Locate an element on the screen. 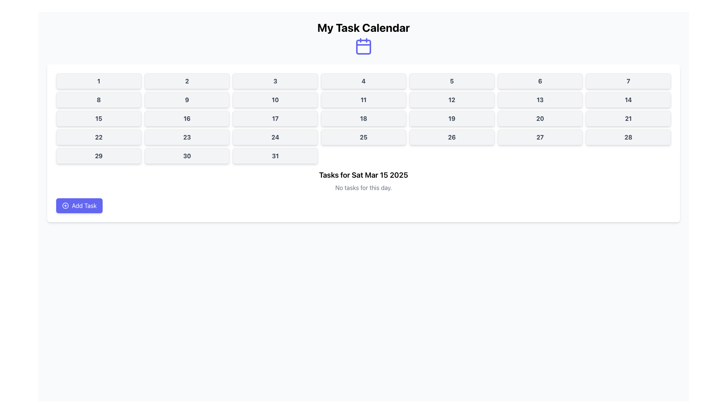  the button labeled '17' in the calendar grid is located at coordinates (275, 118).